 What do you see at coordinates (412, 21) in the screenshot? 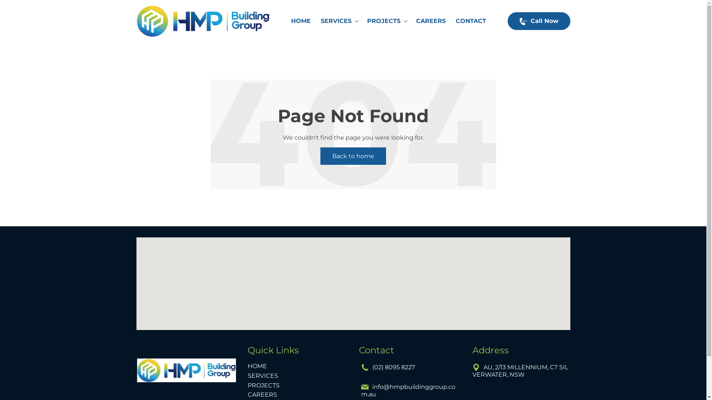
I see `'CAREERS'` at bounding box center [412, 21].